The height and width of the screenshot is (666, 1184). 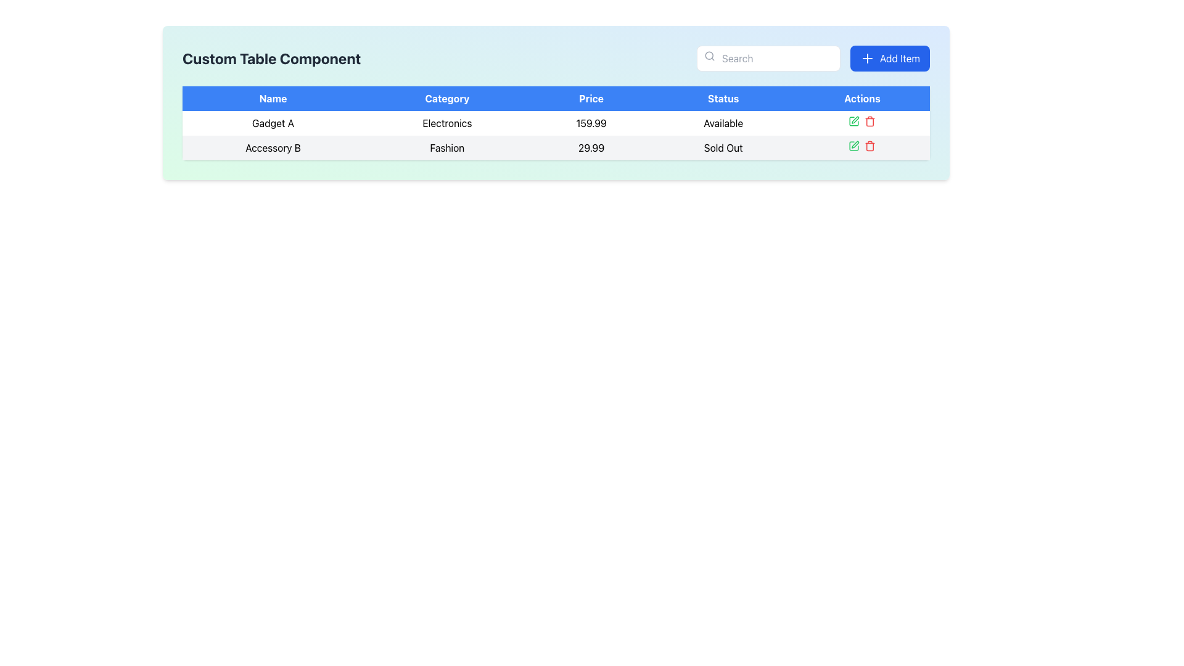 What do you see at coordinates (855, 119) in the screenshot?
I see `the edit icon button, which resembles a pen and is located in the Actions column of the second row of the table, to initiate the editing interface` at bounding box center [855, 119].